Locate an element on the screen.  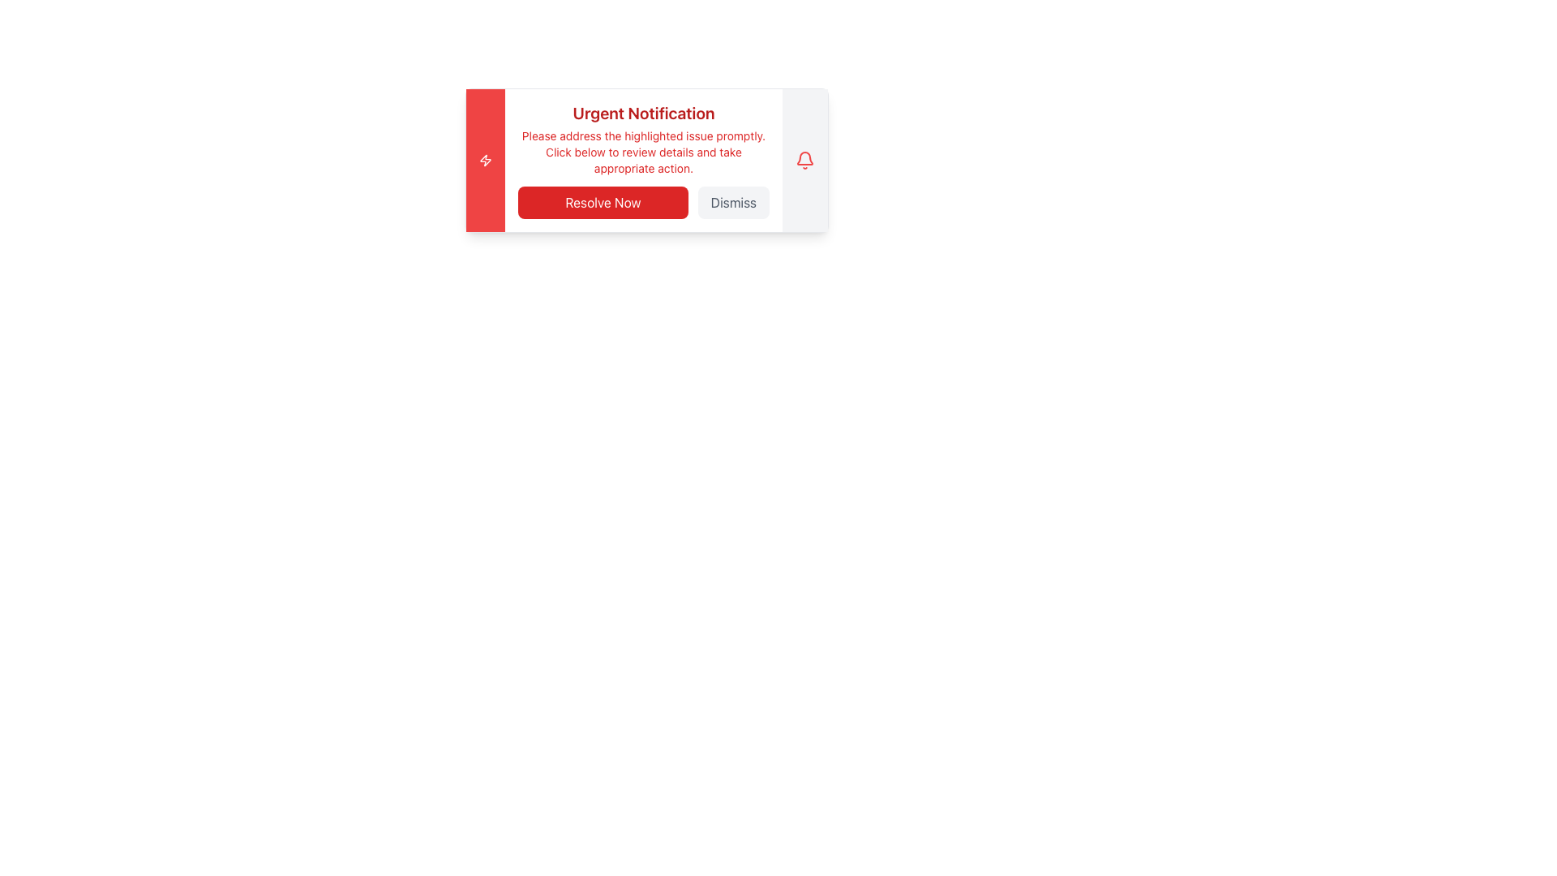
message displayed in red letters below the bold red heading 'Urgent Notification' in the notification panel is located at coordinates (642, 152).